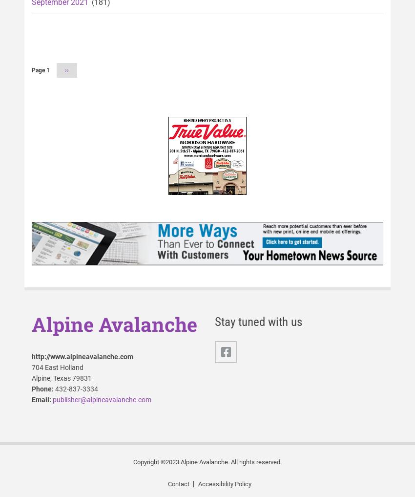 The image size is (415, 497). What do you see at coordinates (102, 398) in the screenshot?
I see `'publisher@alpineavalanche.com'` at bounding box center [102, 398].